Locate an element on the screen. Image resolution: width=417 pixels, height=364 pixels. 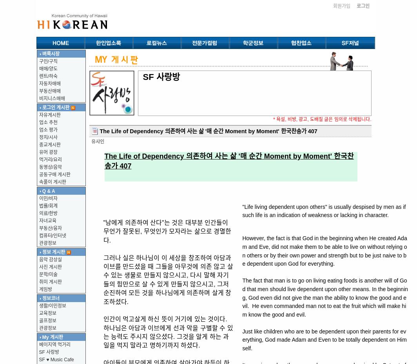
'* 욕설, 비방, 광고, 도배질 글은 임의로 삭제됩니다.' is located at coordinates (273, 119).